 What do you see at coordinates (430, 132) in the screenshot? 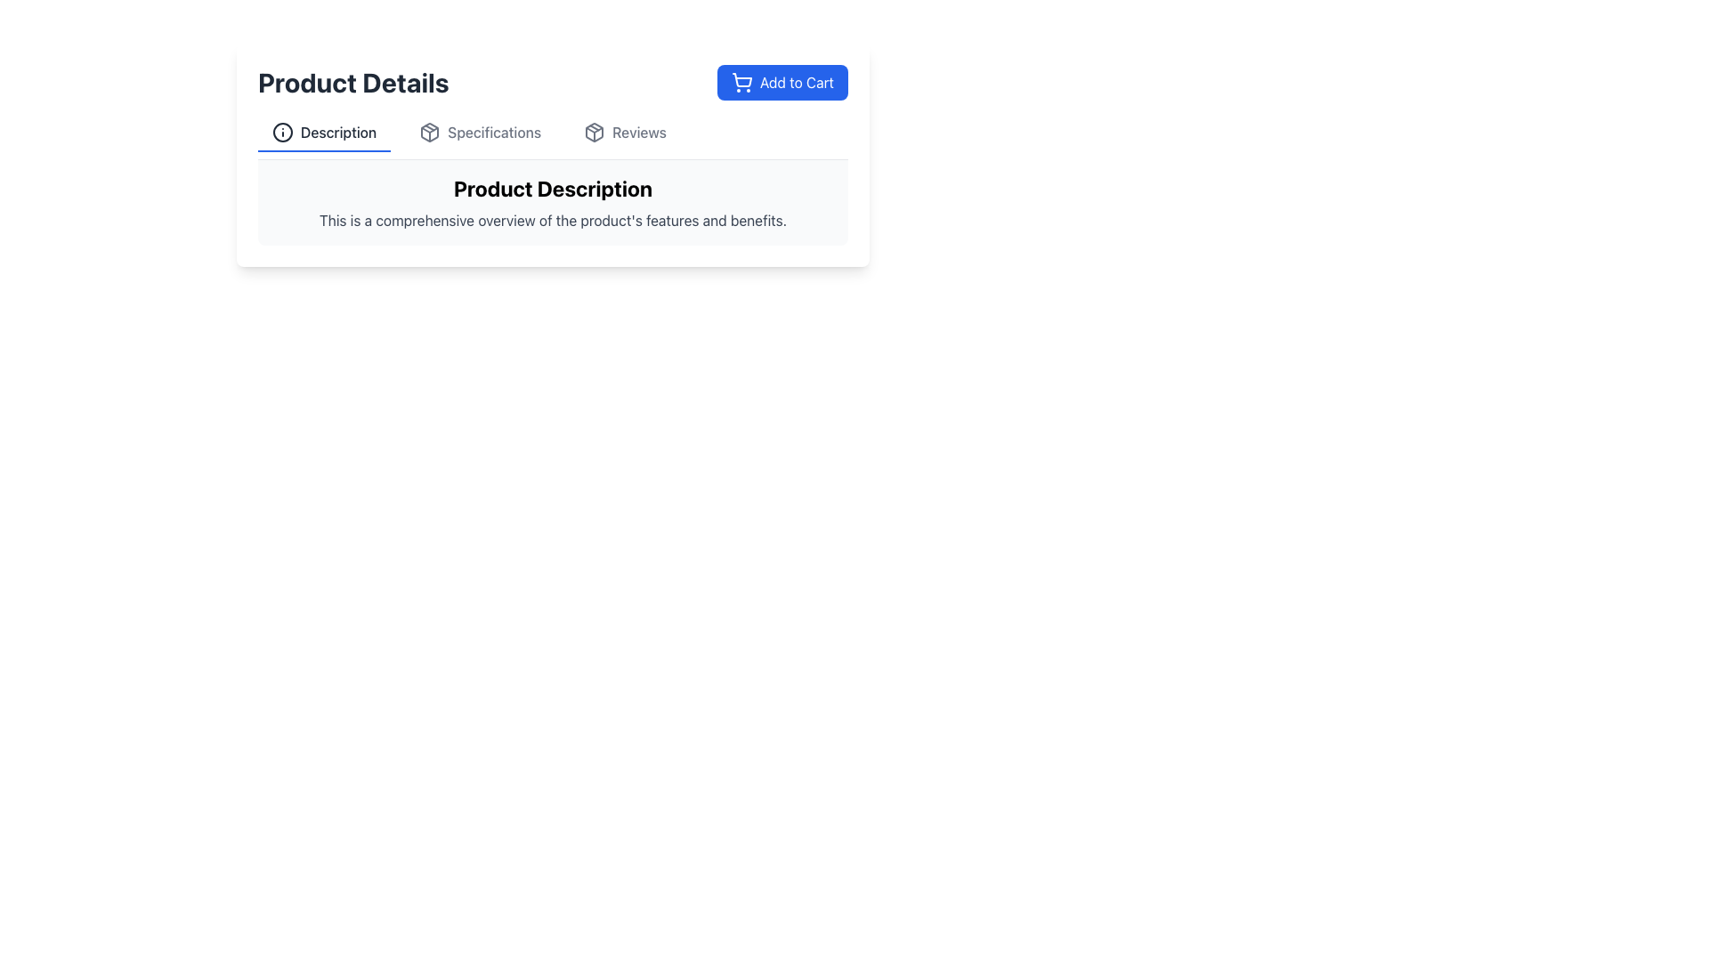
I see `the icon representing the 'Specifications' tab, which is located to the right of the 'Description' label in the horizontal navigation bar` at bounding box center [430, 132].